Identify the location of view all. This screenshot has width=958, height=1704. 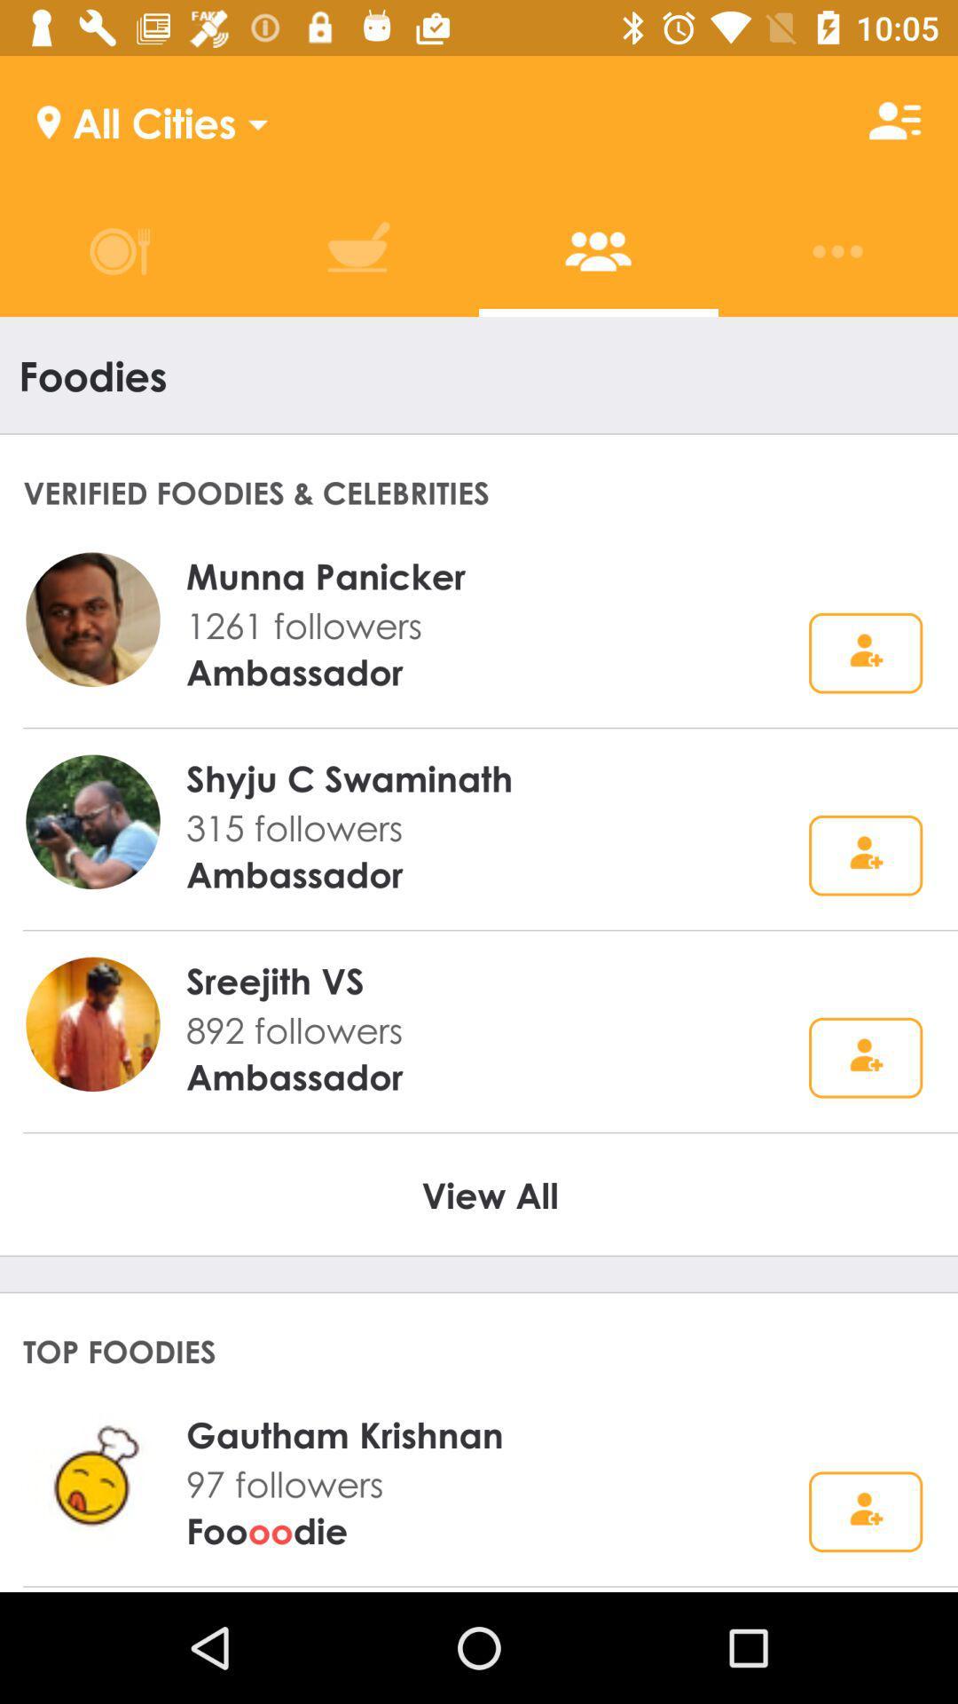
(490, 1194).